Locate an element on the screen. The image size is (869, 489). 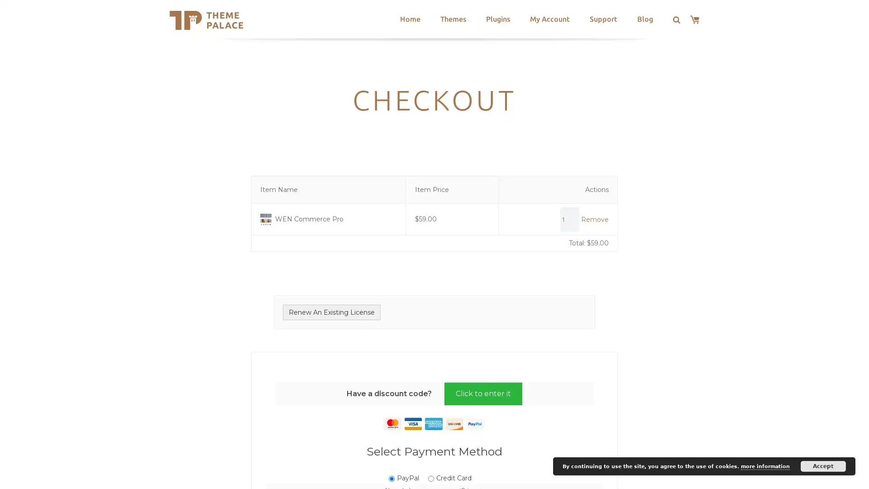
Renew An Existing License is located at coordinates (331, 312).